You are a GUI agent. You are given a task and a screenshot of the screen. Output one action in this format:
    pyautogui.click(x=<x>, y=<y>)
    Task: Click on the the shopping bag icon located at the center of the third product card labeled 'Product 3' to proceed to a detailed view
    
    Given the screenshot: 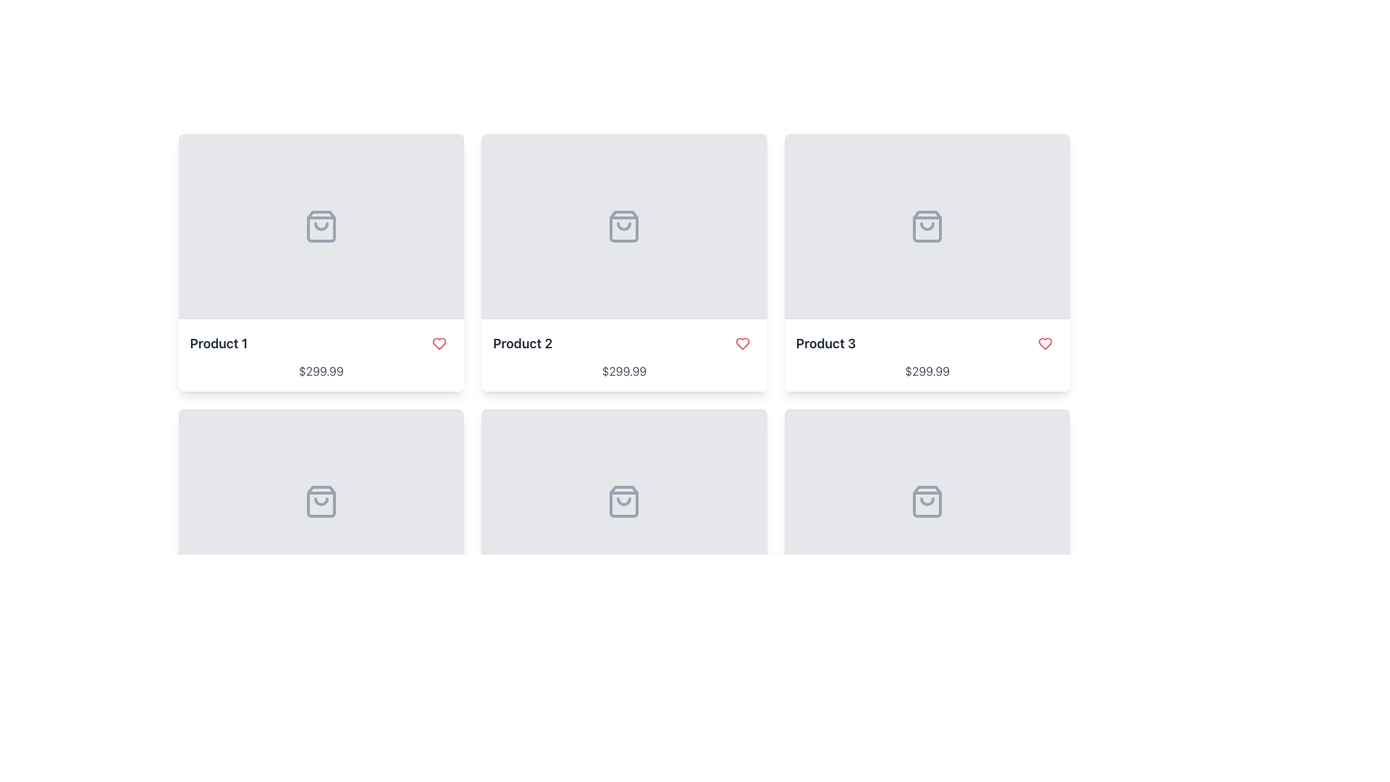 What is the action you would take?
    pyautogui.click(x=927, y=226)
    